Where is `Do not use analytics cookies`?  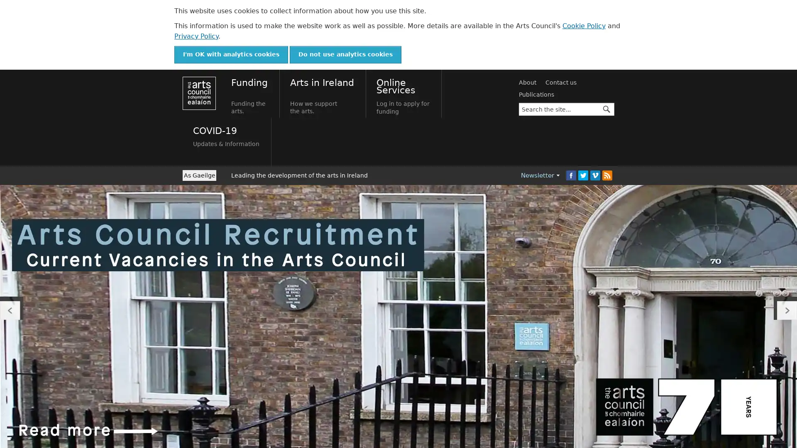
Do not use analytics cookies is located at coordinates (345, 54).